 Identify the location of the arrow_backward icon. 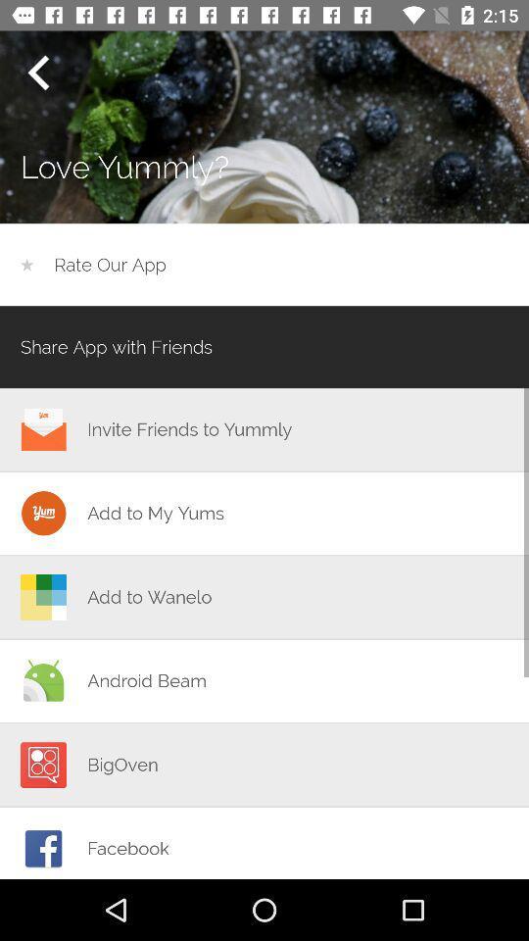
(37, 73).